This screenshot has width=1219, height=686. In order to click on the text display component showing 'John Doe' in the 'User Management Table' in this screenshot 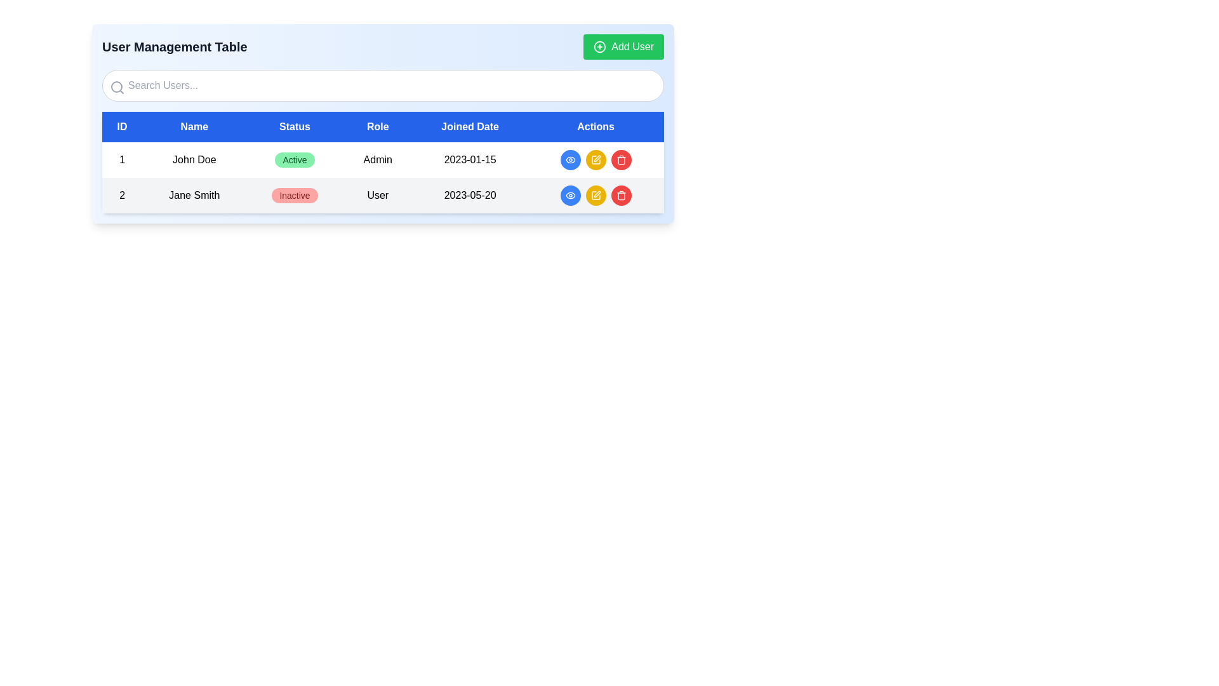, I will do `click(194, 159)`.